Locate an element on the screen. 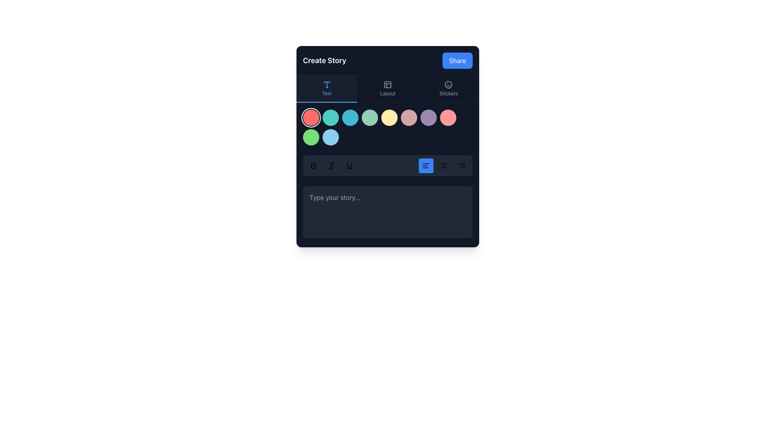 This screenshot has height=440, width=783. the alignment buttons on the toolbar located just above the story input field is located at coordinates (387, 165).